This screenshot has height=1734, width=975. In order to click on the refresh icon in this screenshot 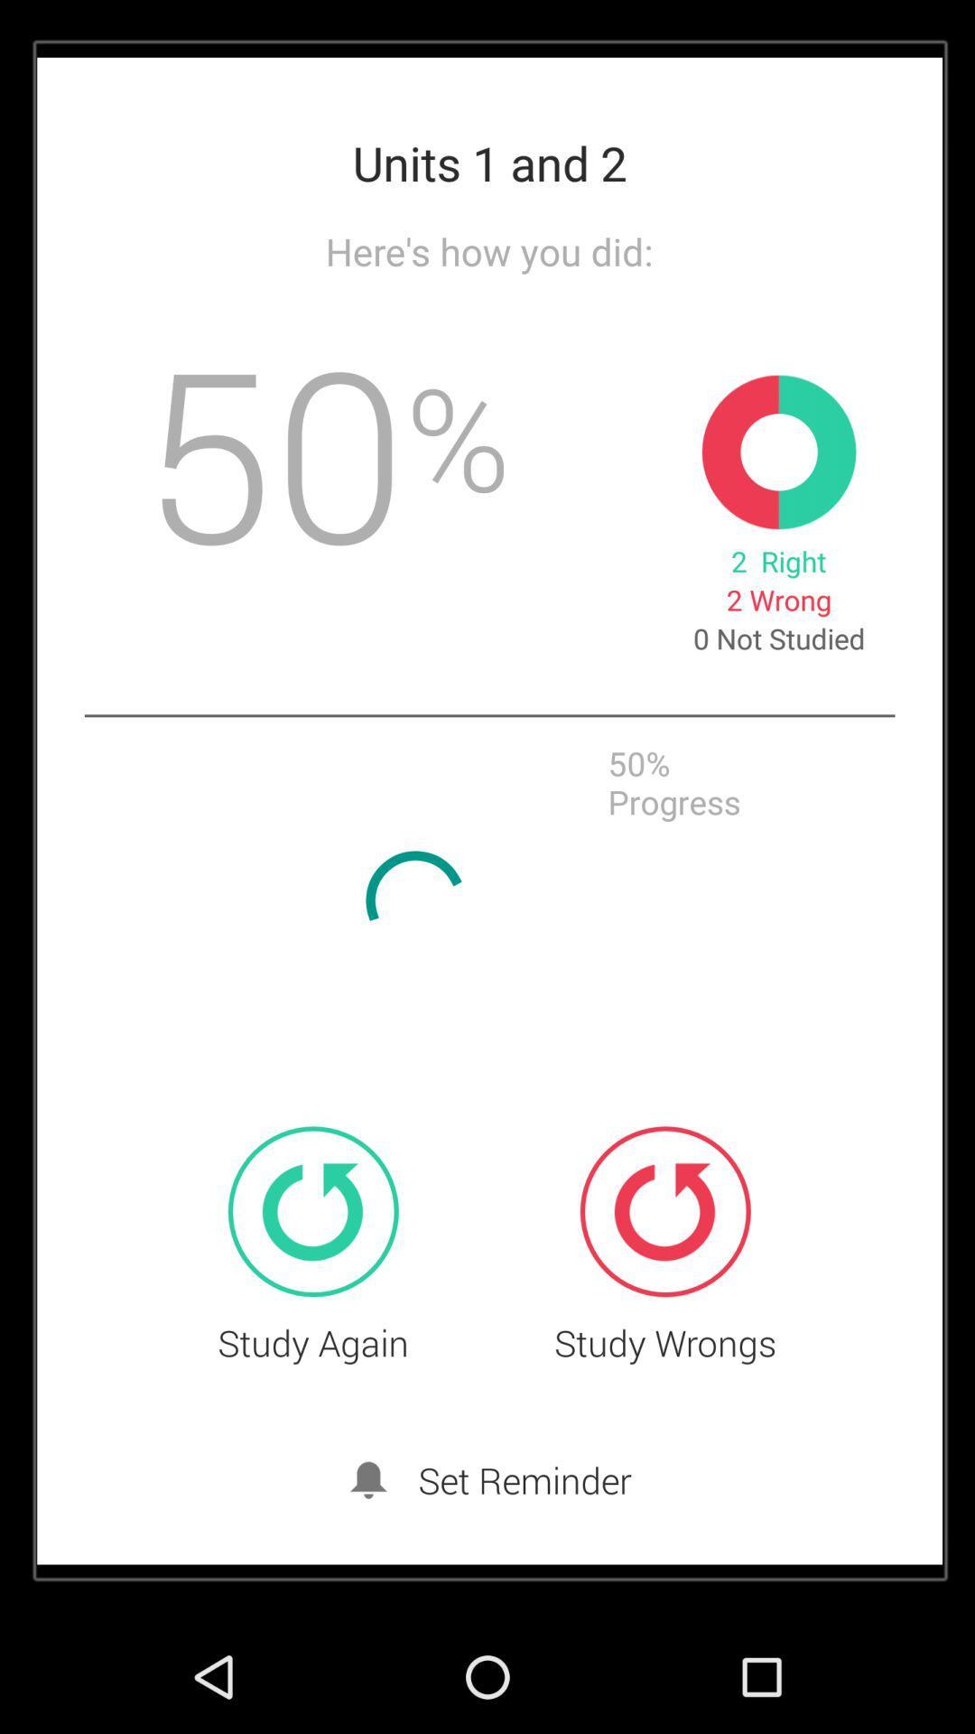, I will do `click(665, 1295)`.